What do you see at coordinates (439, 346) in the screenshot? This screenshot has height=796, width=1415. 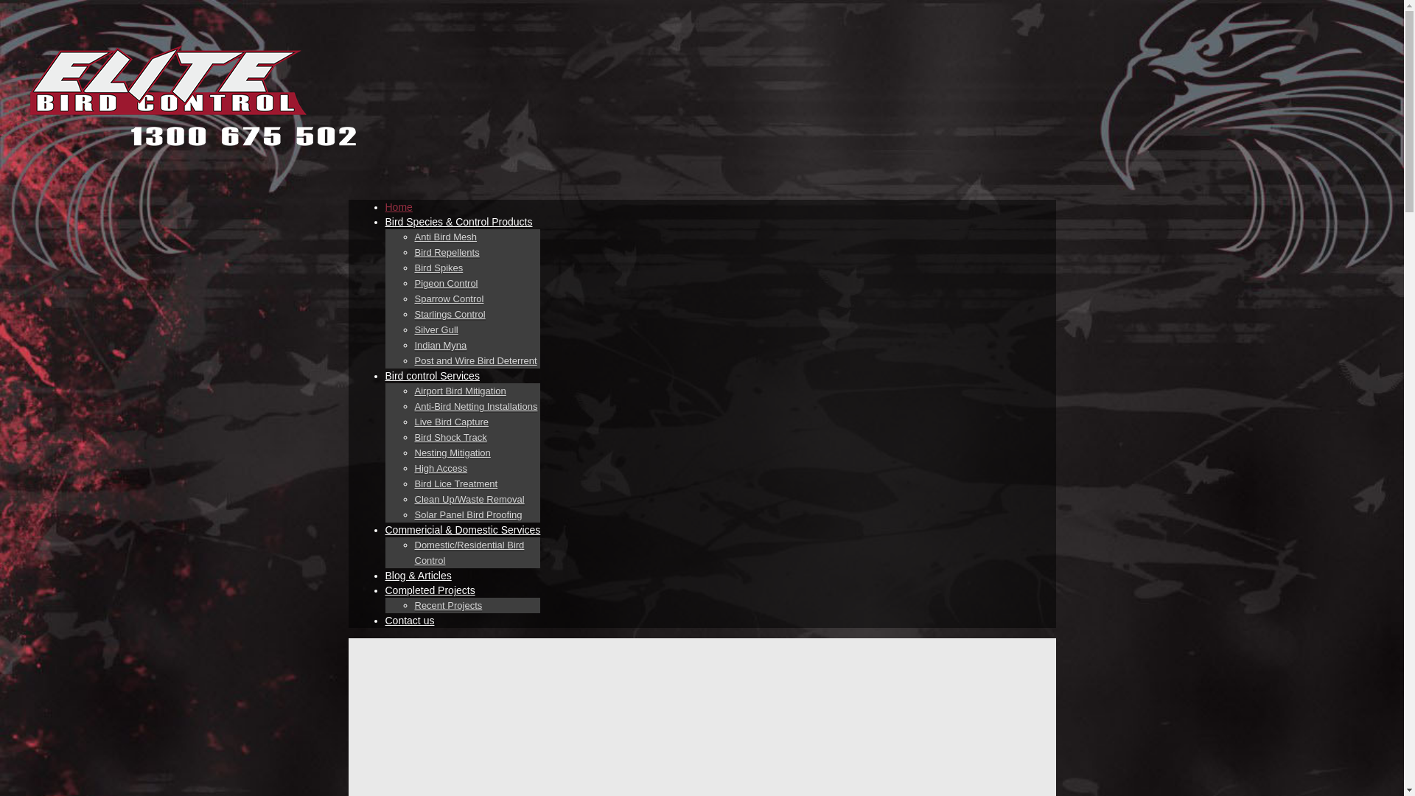 I see `'Indian Myna'` at bounding box center [439, 346].